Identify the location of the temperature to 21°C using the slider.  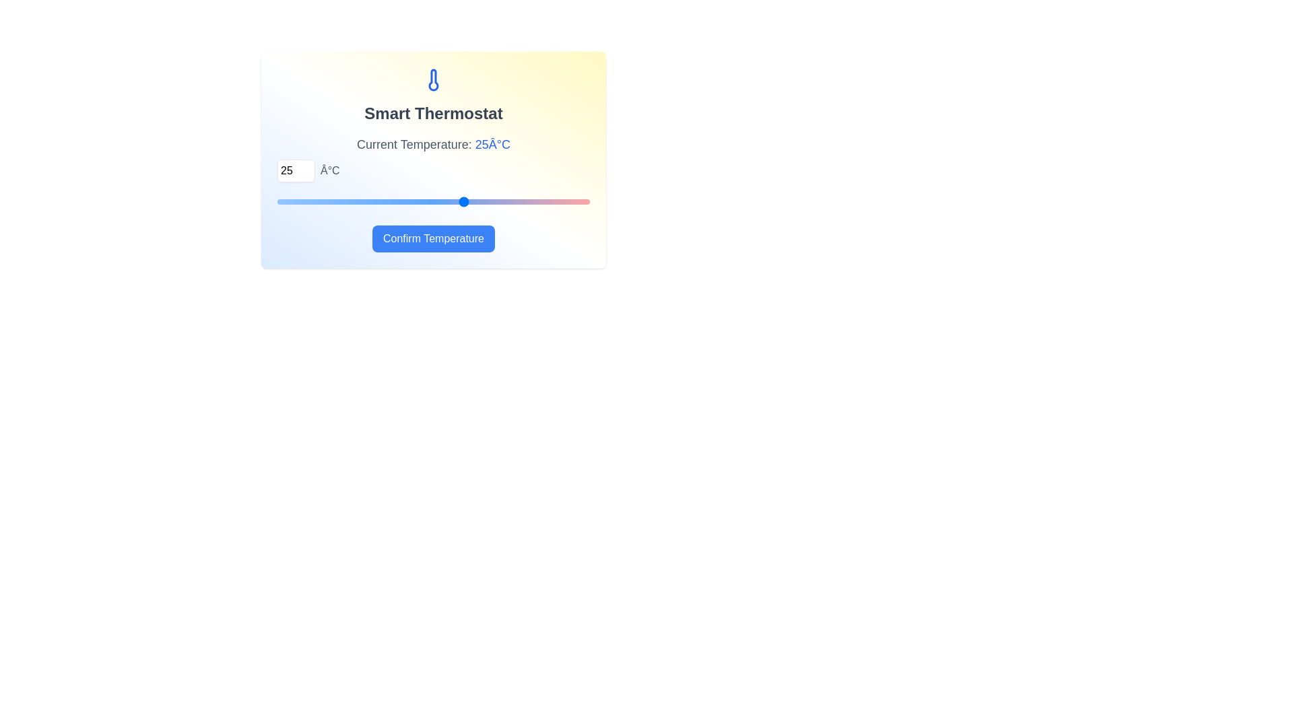
(414, 202).